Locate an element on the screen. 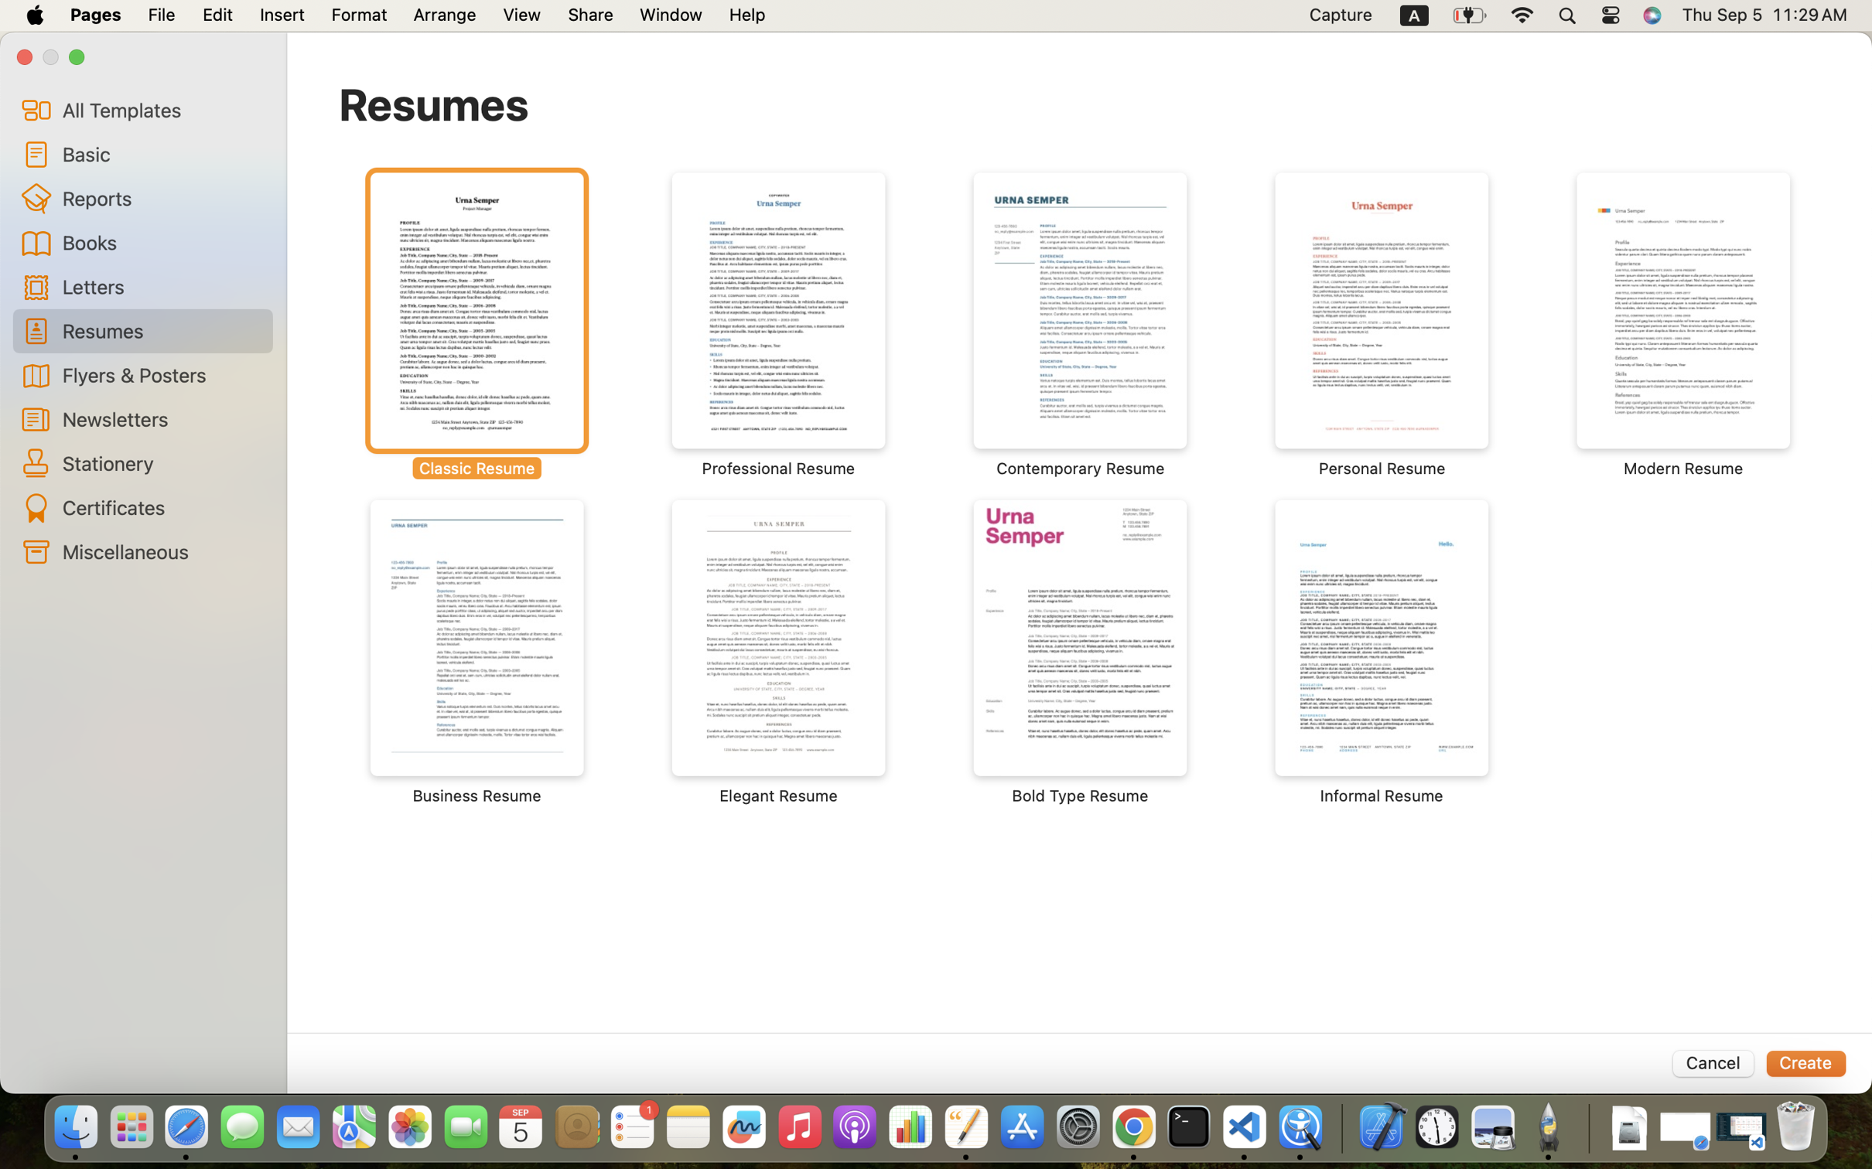  'Letters' is located at coordinates (161, 286).